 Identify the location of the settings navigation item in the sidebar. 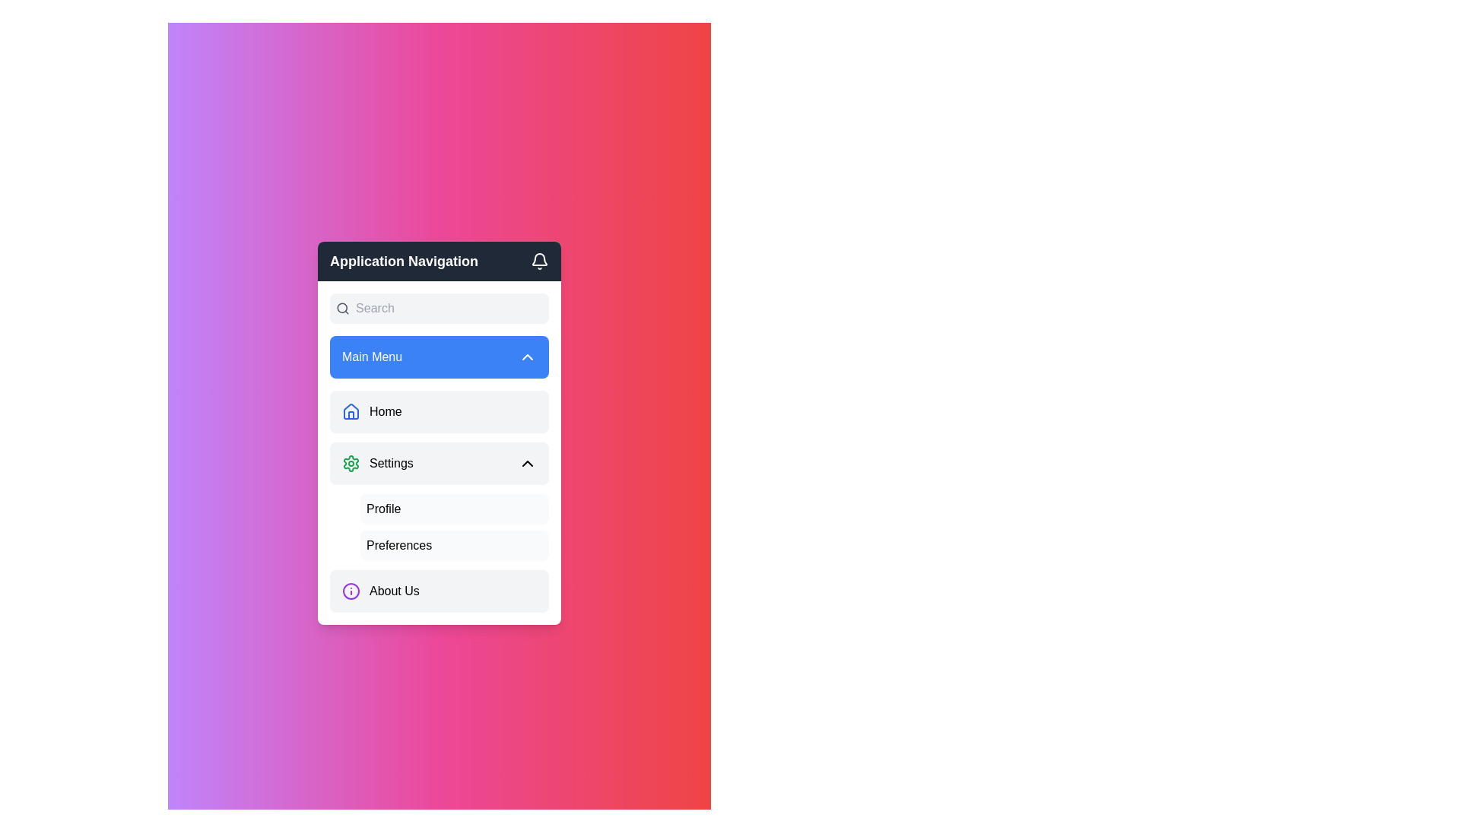
(438, 462).